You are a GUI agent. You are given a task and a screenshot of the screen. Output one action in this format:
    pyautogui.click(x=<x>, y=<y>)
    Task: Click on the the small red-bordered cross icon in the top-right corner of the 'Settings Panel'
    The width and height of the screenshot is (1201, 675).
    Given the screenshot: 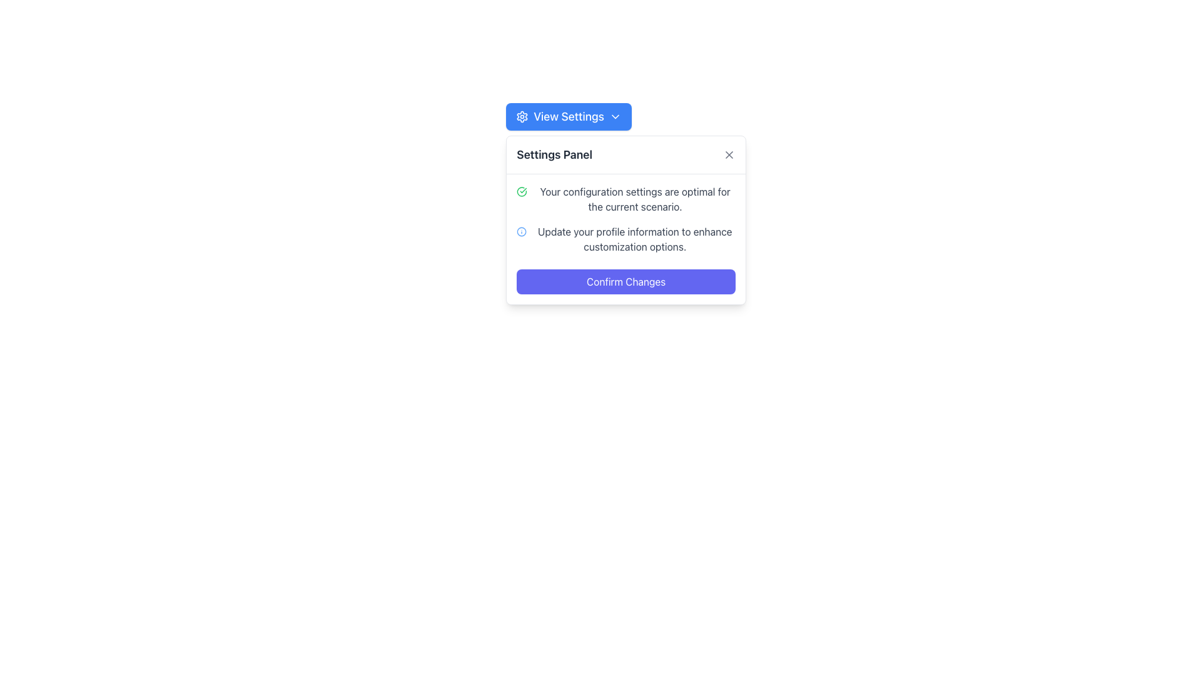 What is the action you would take?
    pyautogui.click(x=729, y=154)
    